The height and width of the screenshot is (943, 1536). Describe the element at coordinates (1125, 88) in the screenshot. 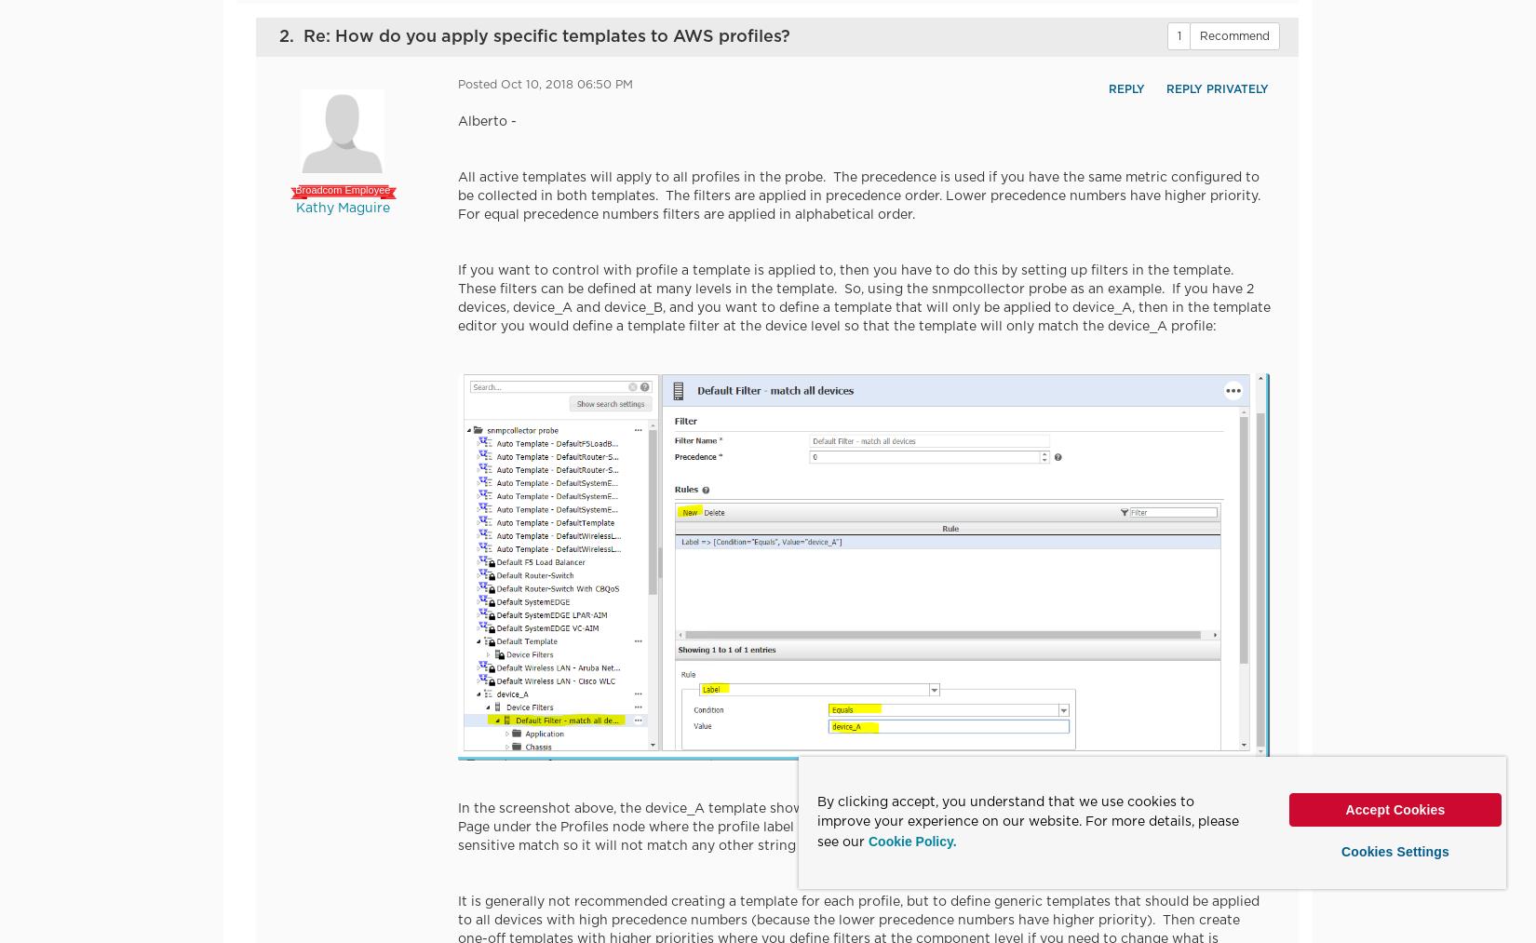

I see `'Reply'` at that location.